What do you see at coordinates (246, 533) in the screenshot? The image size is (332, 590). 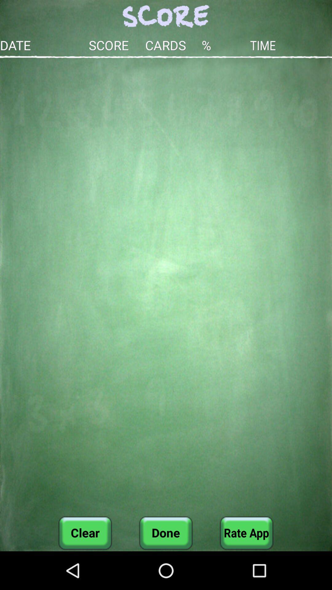 I see `the button to the right of the done` at bounding box center [246, 533].